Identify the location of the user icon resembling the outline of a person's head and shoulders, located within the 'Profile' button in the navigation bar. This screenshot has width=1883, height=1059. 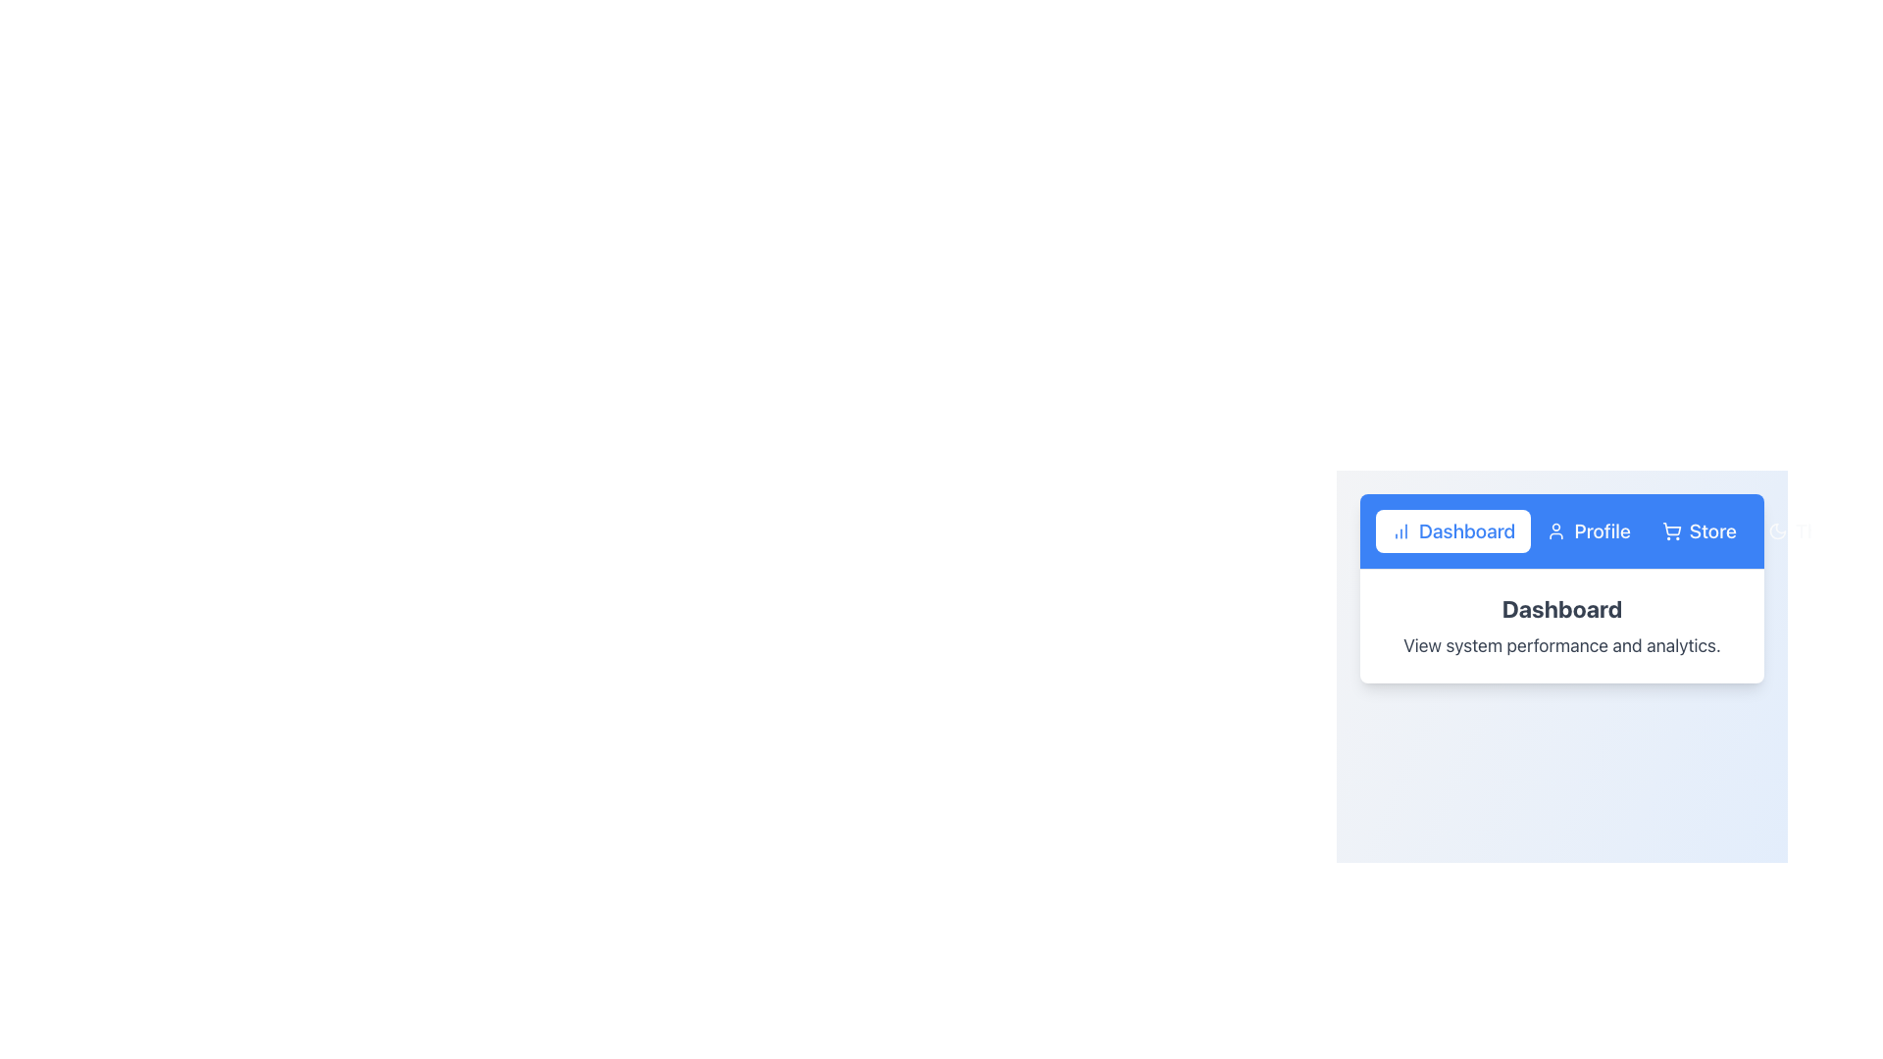
(1555, 531).